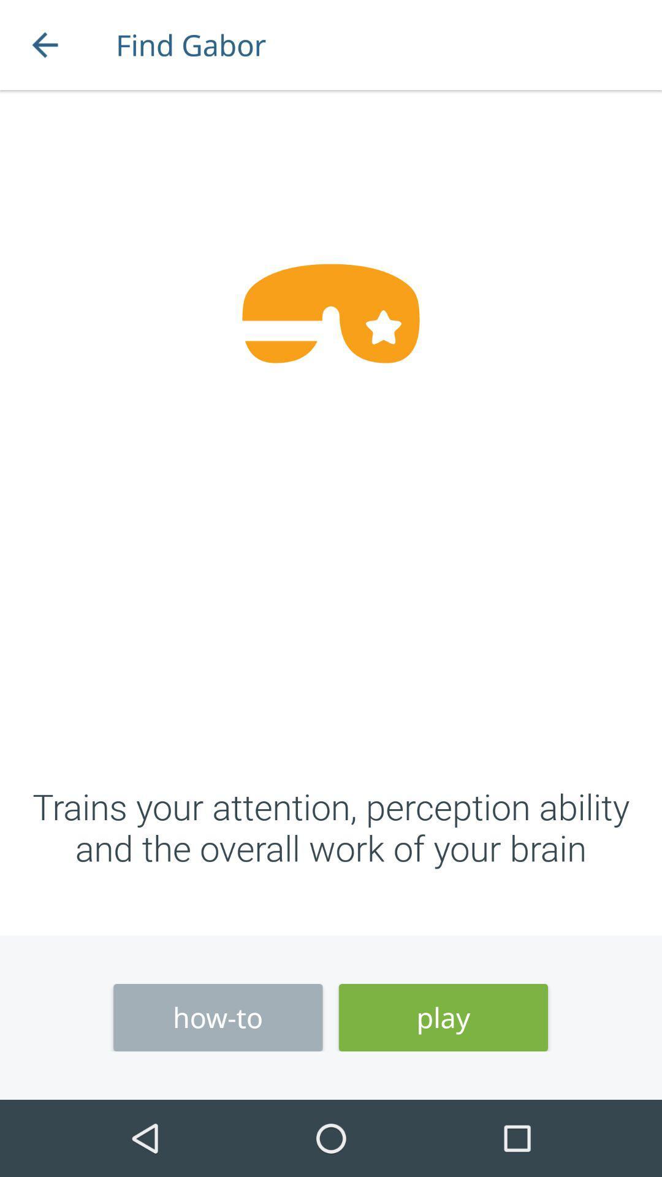  What do you see at coordinates (443, 1018) in the screenshot?
I see `icon next to the how-to icon` at bounding box center [443, 1018].